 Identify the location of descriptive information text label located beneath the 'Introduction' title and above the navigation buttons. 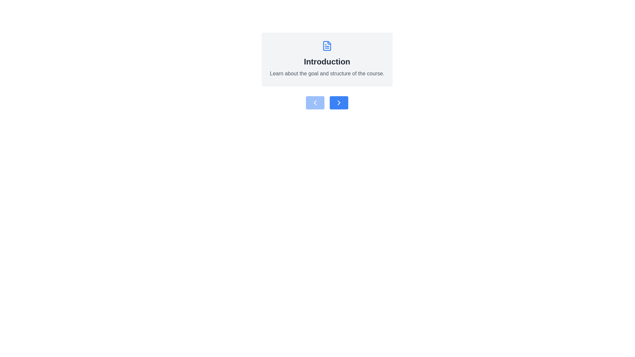
(327, 74).